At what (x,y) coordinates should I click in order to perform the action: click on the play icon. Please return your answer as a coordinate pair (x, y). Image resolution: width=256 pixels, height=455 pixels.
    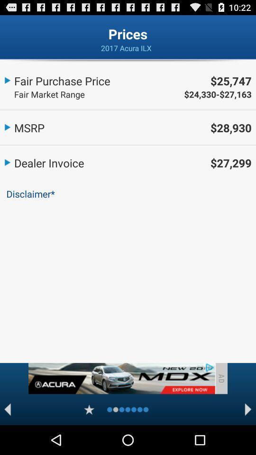
    Looking at the image, I should click on (248, 438).